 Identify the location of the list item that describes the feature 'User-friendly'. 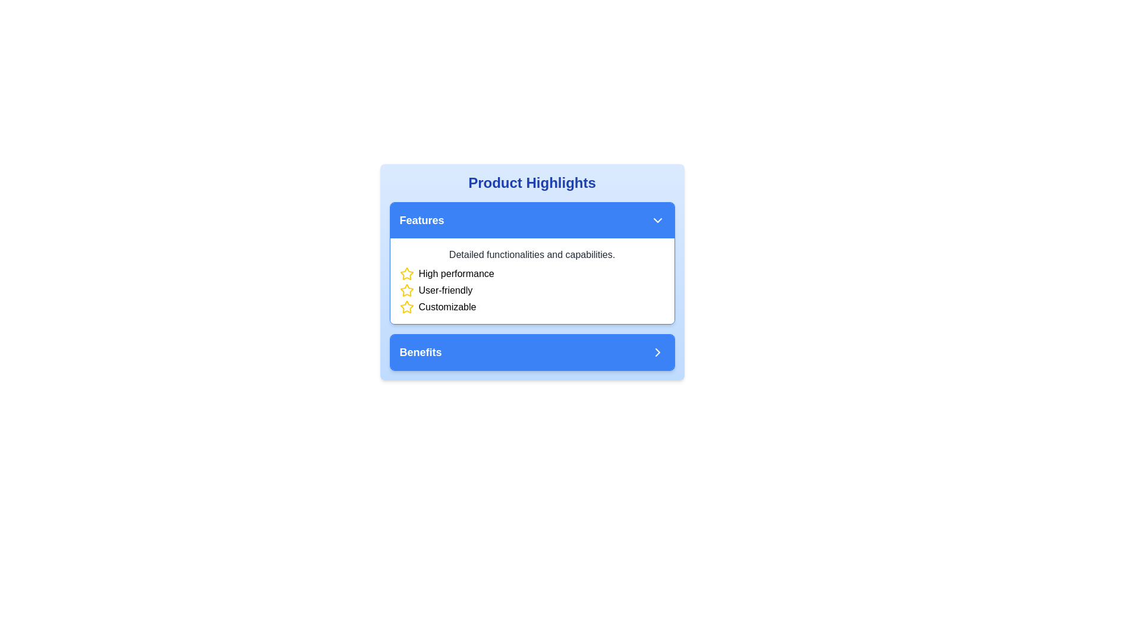
(531, 291).